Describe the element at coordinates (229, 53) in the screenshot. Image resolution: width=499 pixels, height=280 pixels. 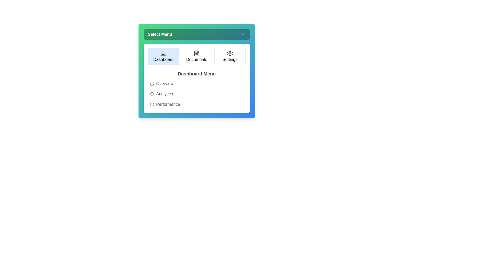
I see `the settings icon button located on the far right under the 'Select Menu' dropdown to enable keyboard interaction` at that location.